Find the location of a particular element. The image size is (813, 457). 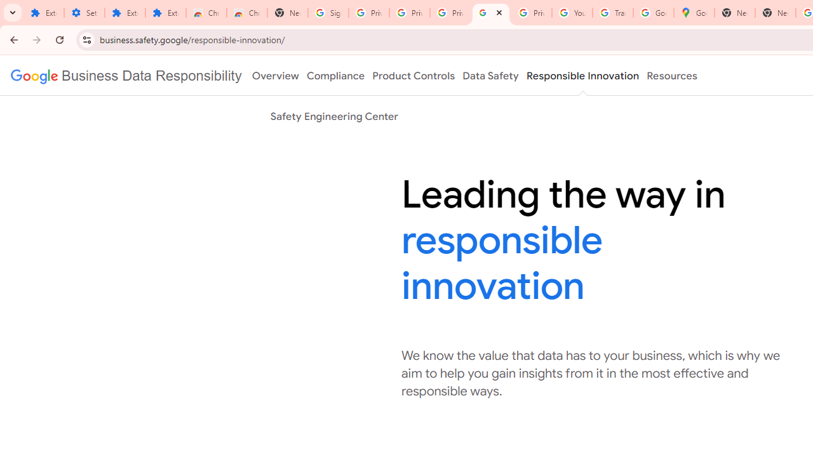

'Chrome Web Store - Themes' is located at coordinates (247, 13).